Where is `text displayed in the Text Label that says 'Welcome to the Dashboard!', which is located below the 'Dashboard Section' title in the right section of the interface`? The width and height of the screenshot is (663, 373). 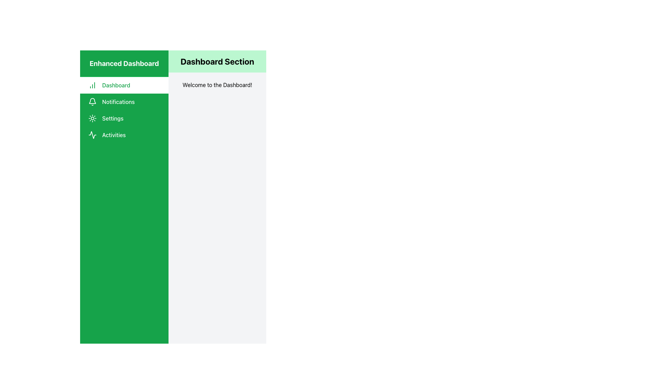
text displayed in the Text Label that says 'Welcome to the Dashboard!', which is located below the 'Dashboard Section' title in the right section of the interface is located at coordinates (217, 85).